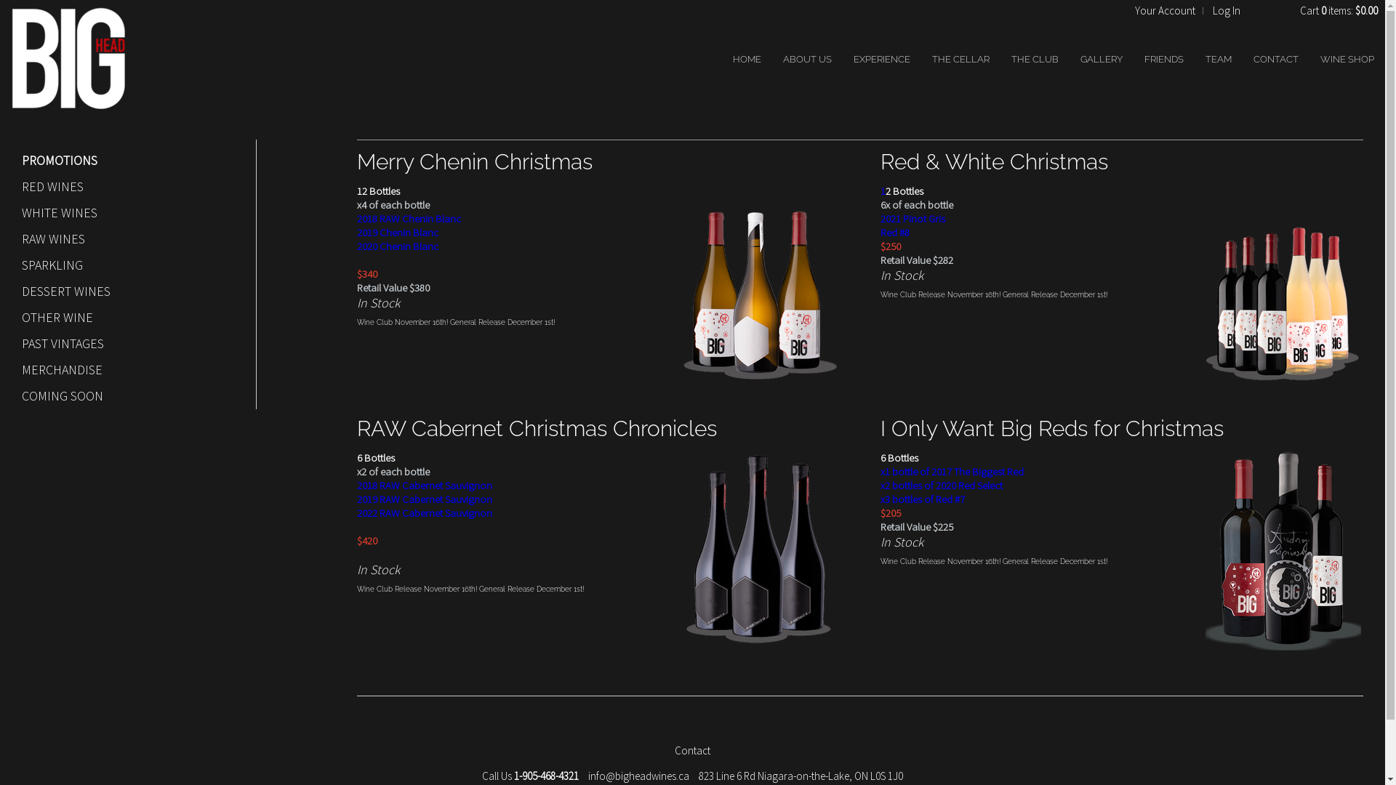 Image resolution: width=1396 pixels, height=785 pixels. Describe the element at coordinates (1218, 58) in the screenshot. I see `'TEAM'` at that location.